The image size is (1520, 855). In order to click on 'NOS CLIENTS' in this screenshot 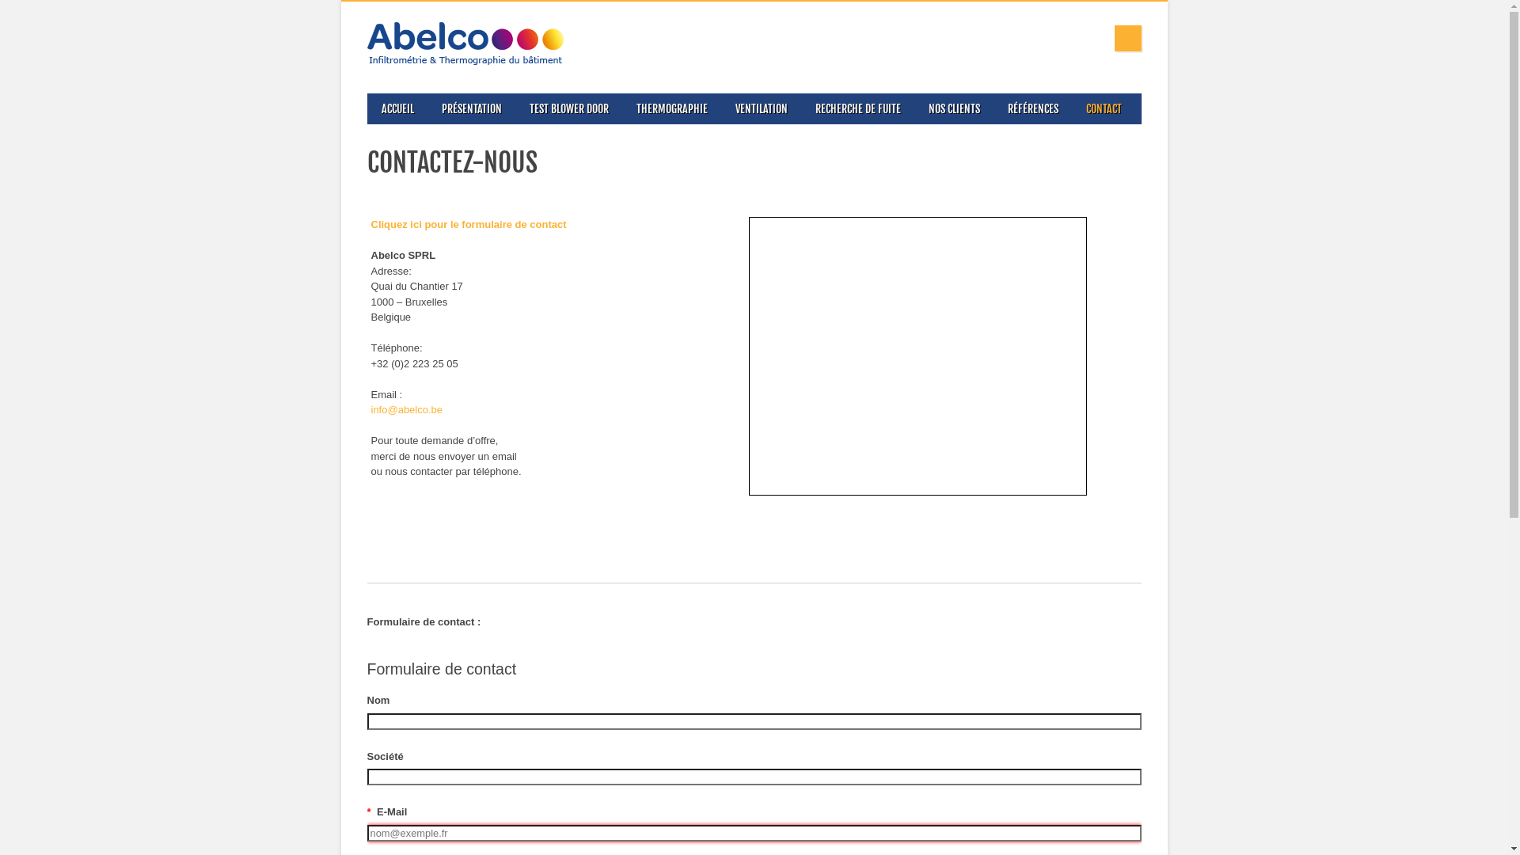, I will do `click(913, 108)`.